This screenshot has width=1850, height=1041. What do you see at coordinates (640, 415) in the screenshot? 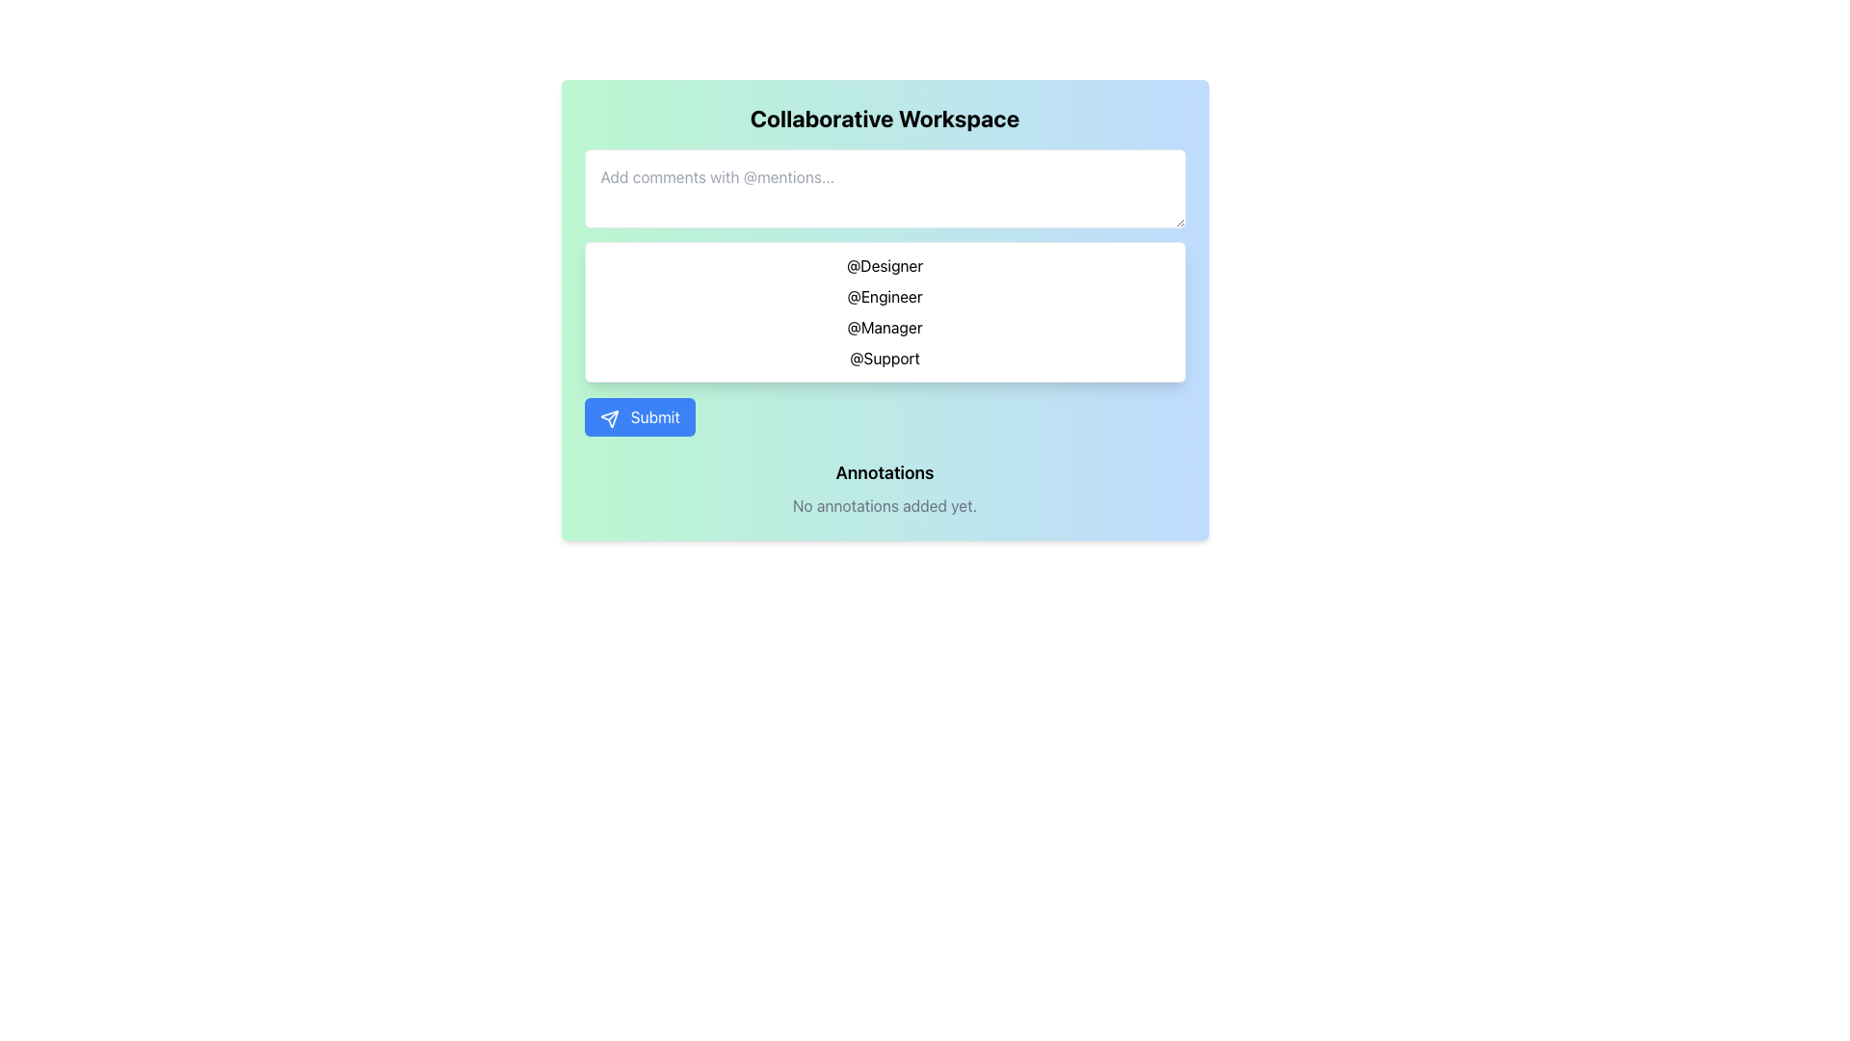
I see `the submit button located at the bottom left of the card interface to trigger a visual effect` at bounding box center [640, 415].